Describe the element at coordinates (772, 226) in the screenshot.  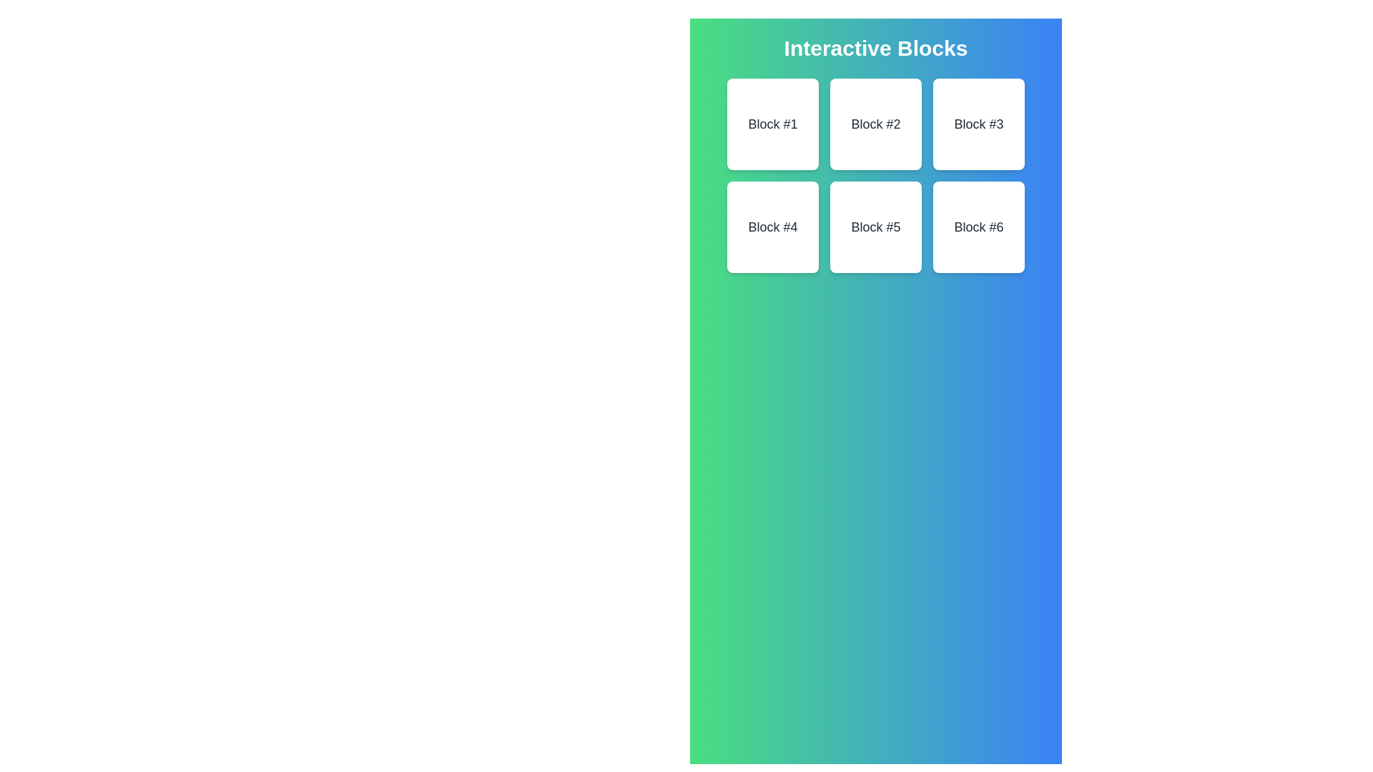
I see `text content of the label displaying 'Block #4', located in the second row, first column of the grid layout` at that location.